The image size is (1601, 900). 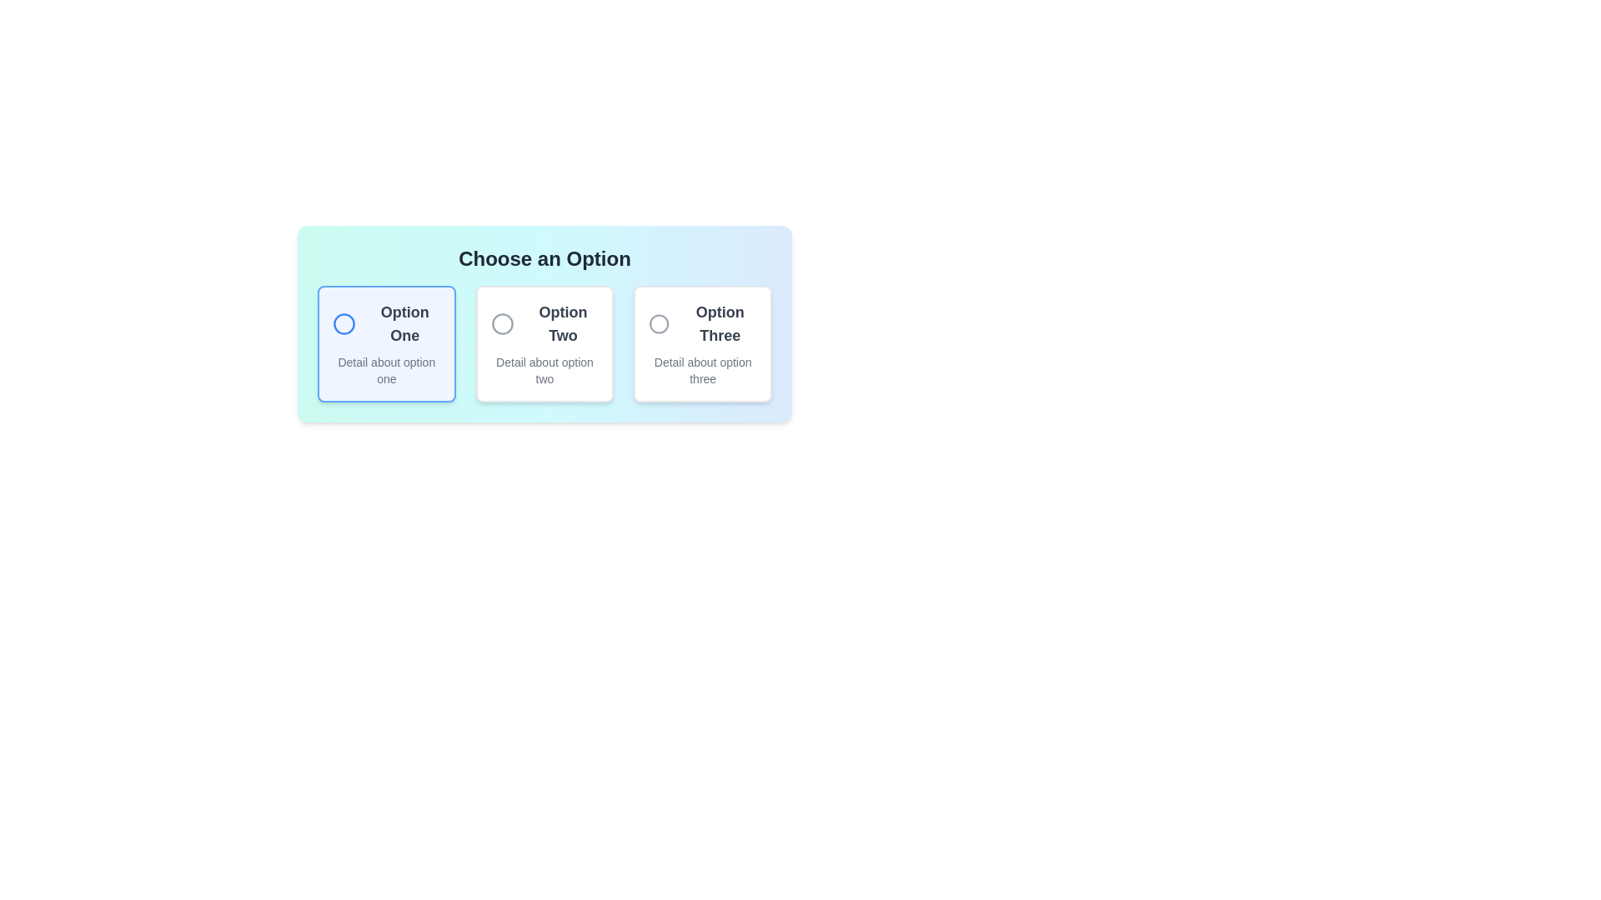 I want to click on the text label that represents the second selectable option, labeled 'Option Two', which is centrally located in a group of three options, so click(x=563, y=324).